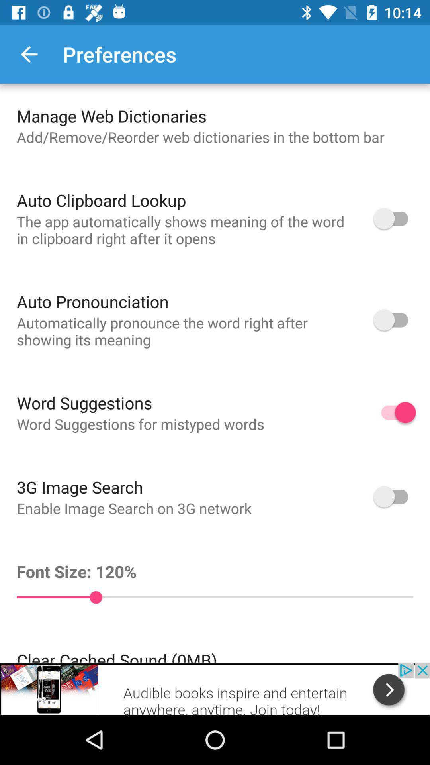 The height and width of the screenshot is (765, 430). I want to click on 3g image search option, so click(395, 496).